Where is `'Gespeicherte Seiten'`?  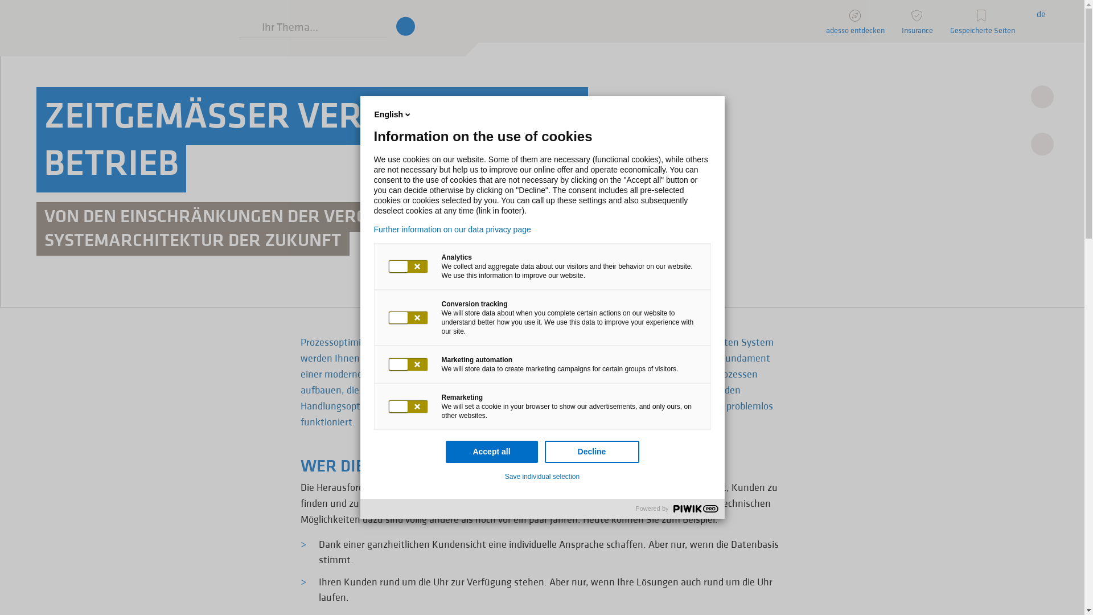 'Gespeicherte Seiten' is located at coordinates (982, 21).